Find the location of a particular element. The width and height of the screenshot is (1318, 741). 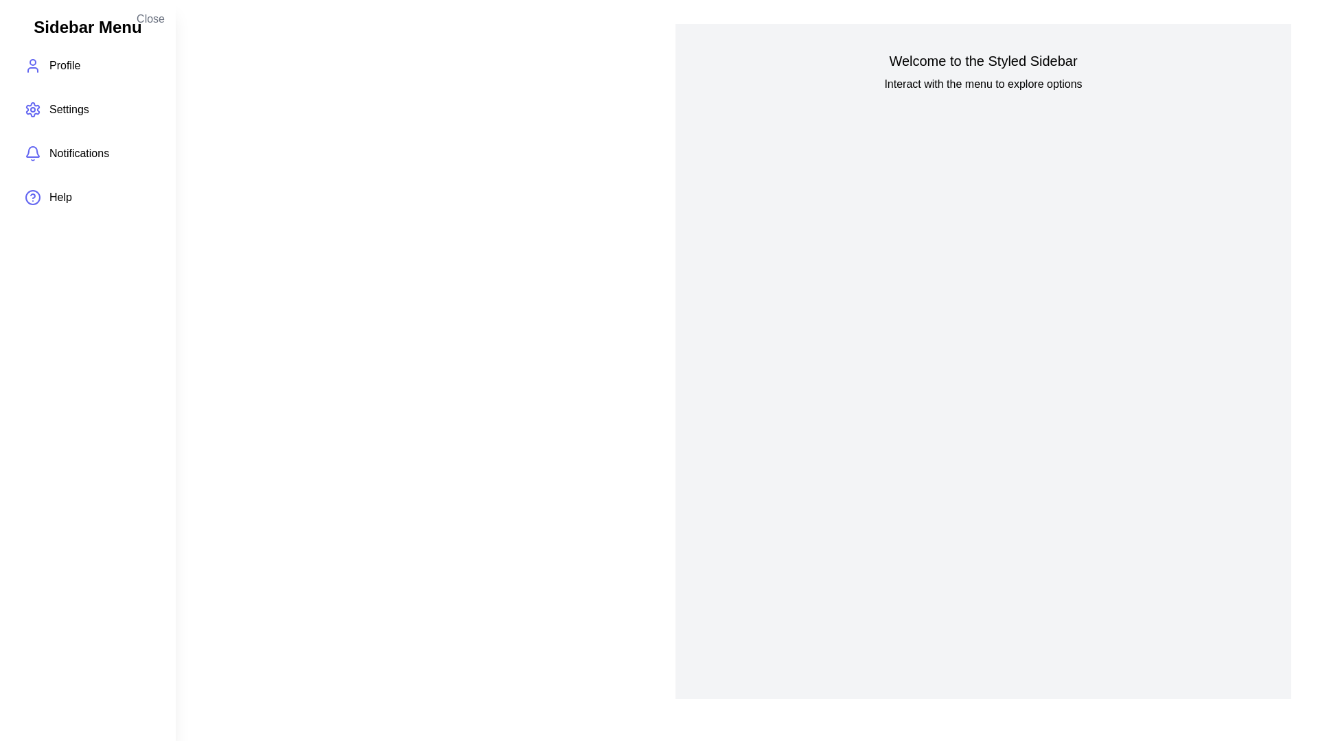

'Close' button in the top-right corner of the sidebar to toggle its visibility is located at coordinates (150, 19).